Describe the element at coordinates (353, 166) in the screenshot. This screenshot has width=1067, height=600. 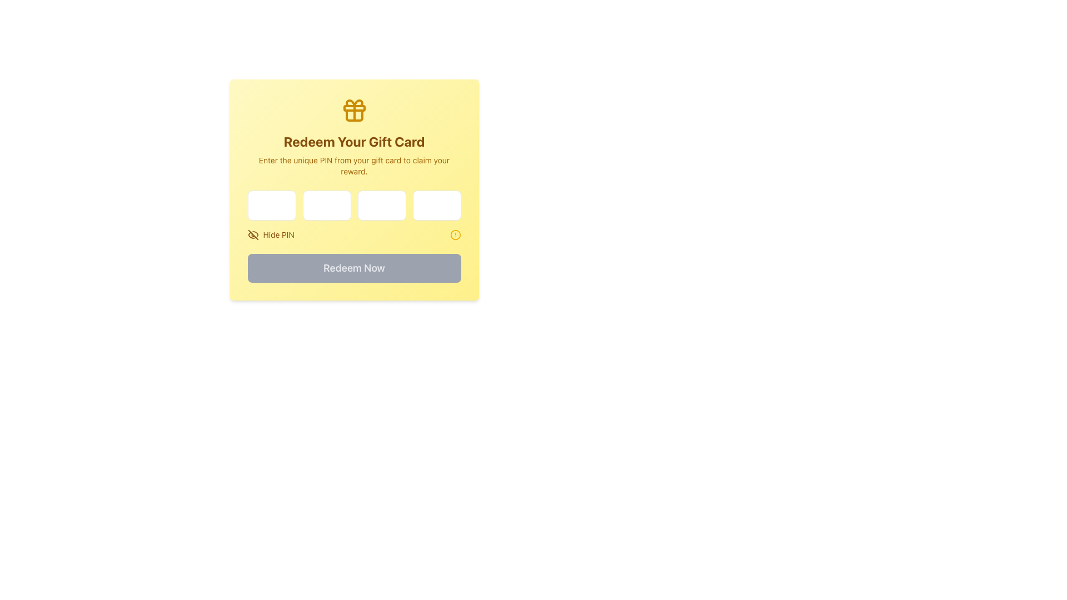
I see `the text label that reads 'Enter the unique PIN from your gift card to claim your reward.', which is styled in a small yellowish-brown font and positioned below the title 'Redeem Your Gift Card'` at that location.